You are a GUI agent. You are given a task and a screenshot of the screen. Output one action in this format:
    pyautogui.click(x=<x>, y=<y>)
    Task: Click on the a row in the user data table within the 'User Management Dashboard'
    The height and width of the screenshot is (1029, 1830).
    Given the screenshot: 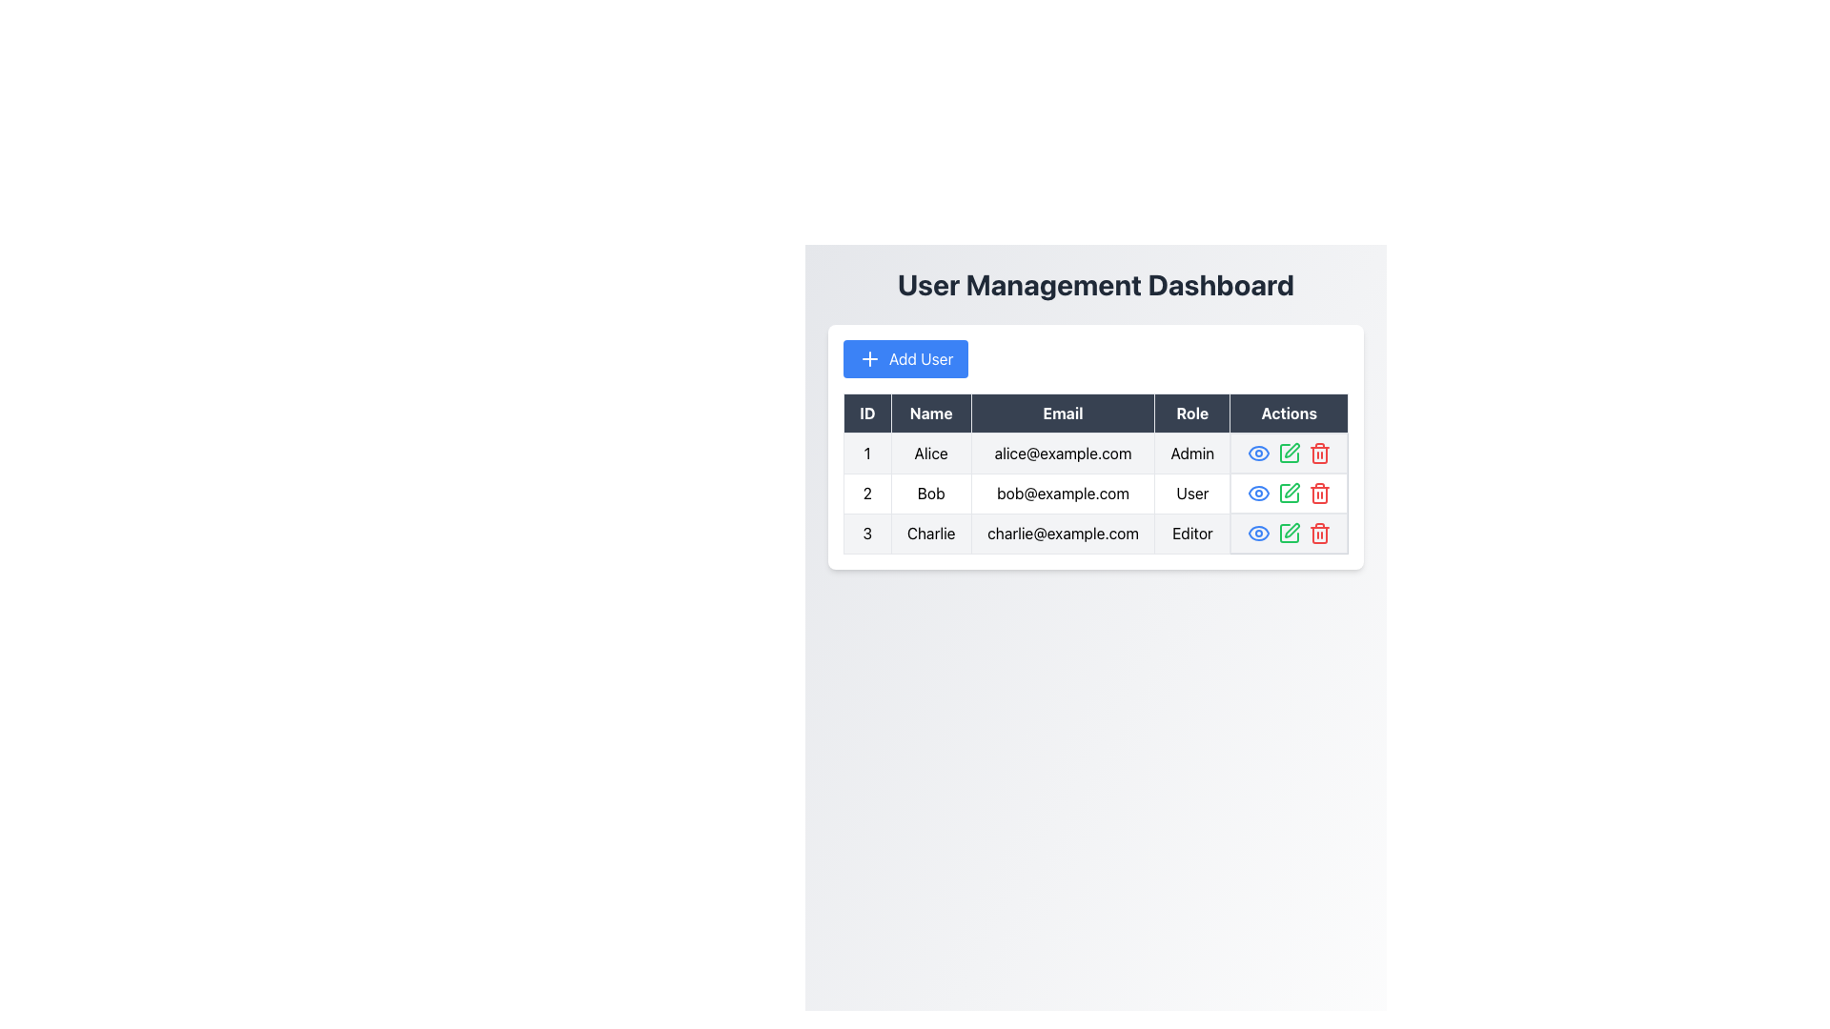 What is the action you would take?
    pyautogui.click(x=1096, y=473)
    